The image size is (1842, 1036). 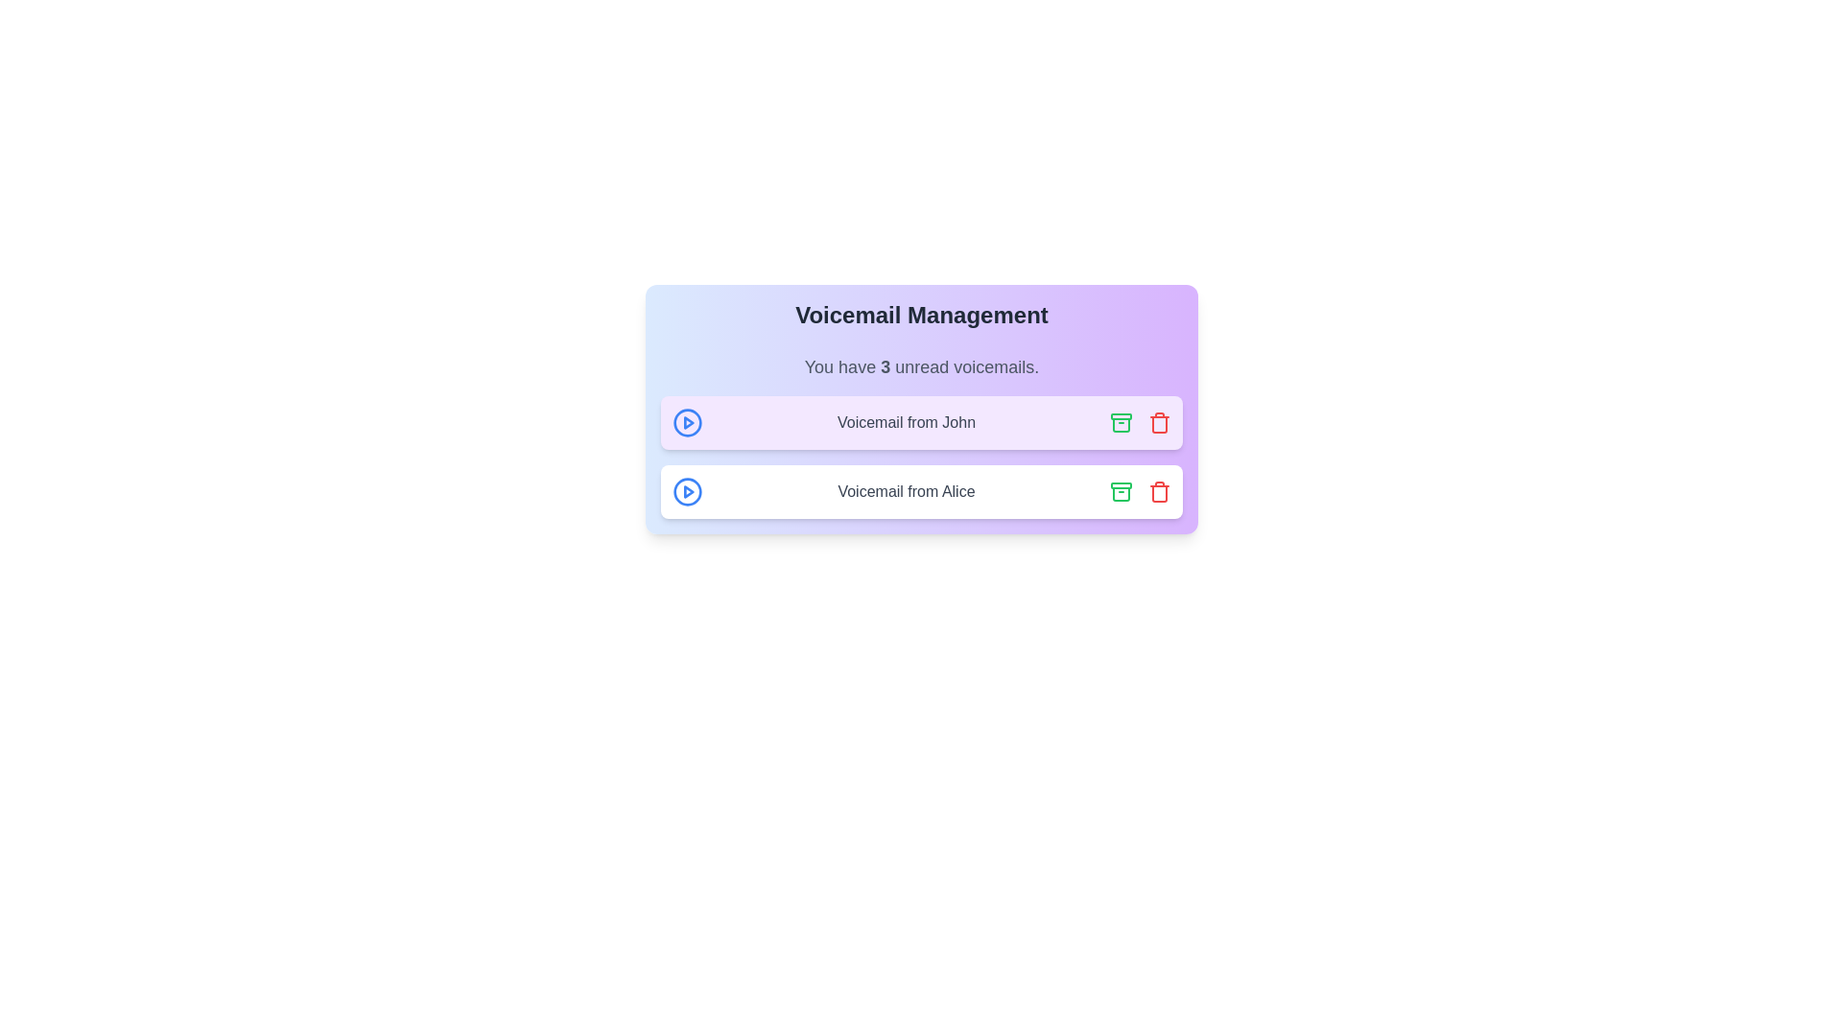 What do you see at coordinates (1122, 415) in the screenshot?
I see `the small rectangular shape with rounded corners that forms the top lid of the archive icon, located near the right side of each voicemail entry` at bounding box center [1122, 415].